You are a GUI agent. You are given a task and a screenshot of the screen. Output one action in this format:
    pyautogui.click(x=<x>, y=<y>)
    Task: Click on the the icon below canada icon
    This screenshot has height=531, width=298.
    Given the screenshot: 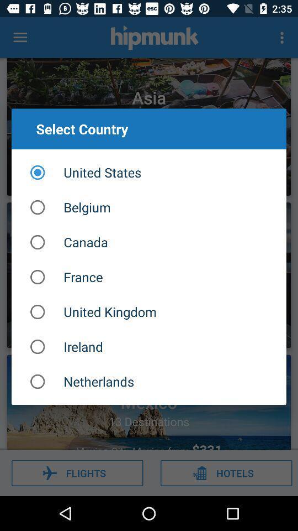 What is the action you would take?
    pyautogui.click(x=149, y=277)
    